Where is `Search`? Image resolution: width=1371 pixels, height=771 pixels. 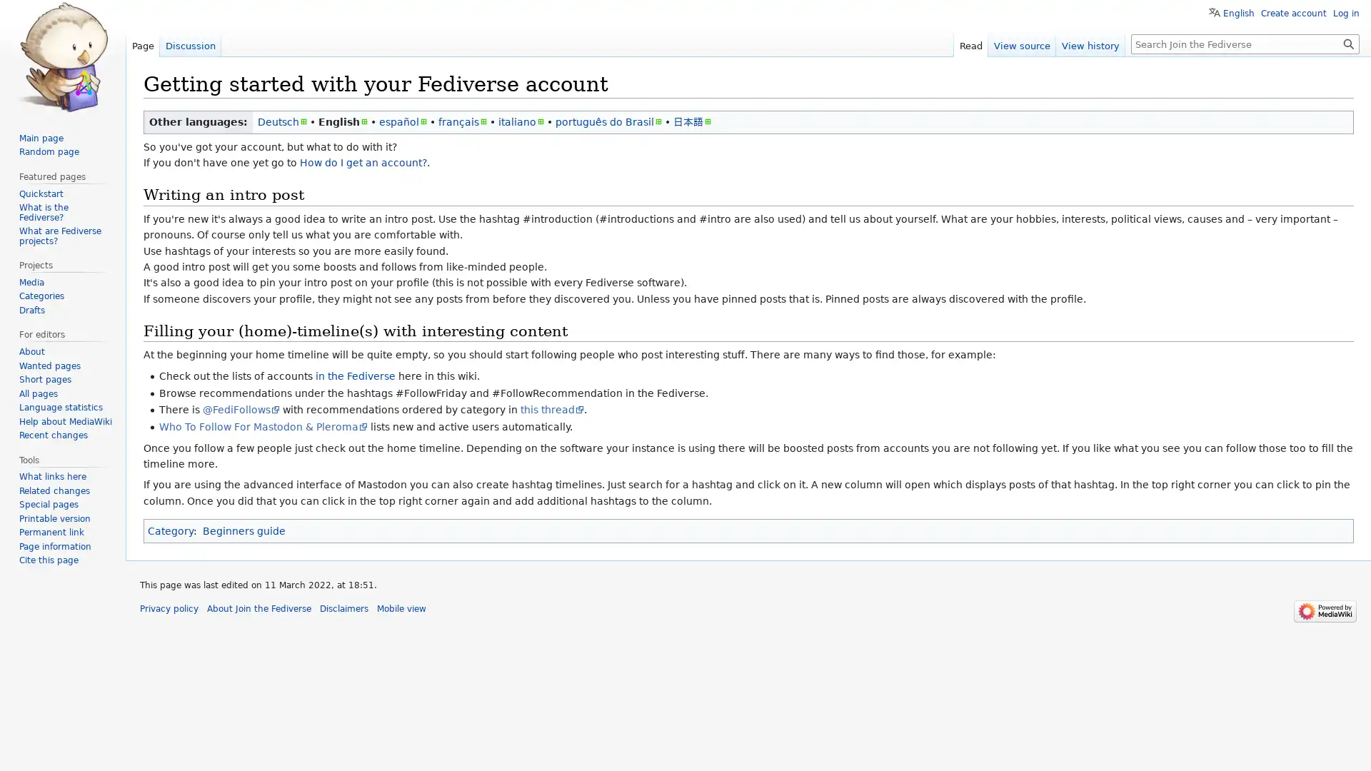
Search is located at coordinates (1348, 43).